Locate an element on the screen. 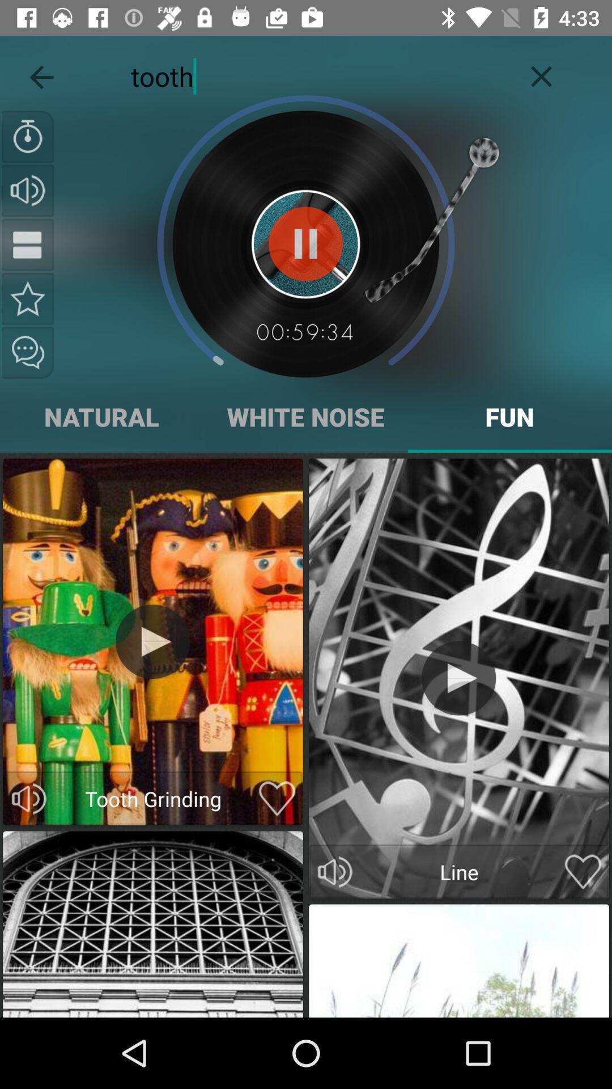 The height and width of the screenshot is (1089, 612). change volume is located at coordinates (27, 191).